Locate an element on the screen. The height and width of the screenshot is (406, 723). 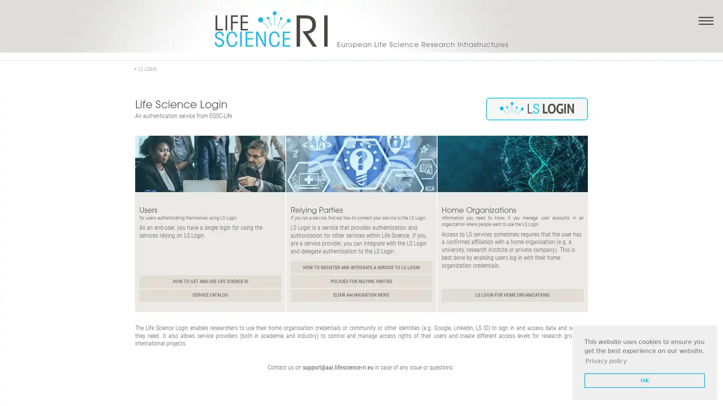
Toggle navigation is located at coordinates (706, 20).